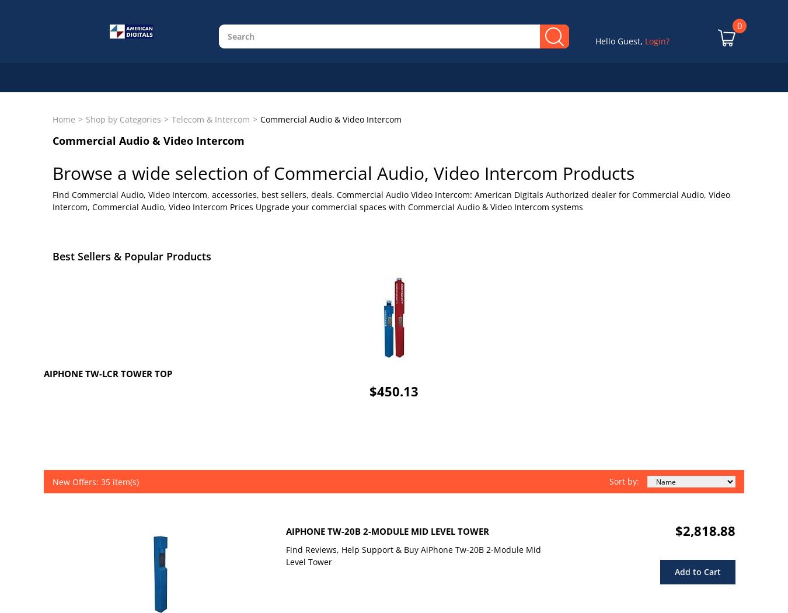 The image size is (788, 613). What do you see at coordinates (620, 40) in the screenshot?
I see `'Hello Guest,'` at bounding box center [620, 40].